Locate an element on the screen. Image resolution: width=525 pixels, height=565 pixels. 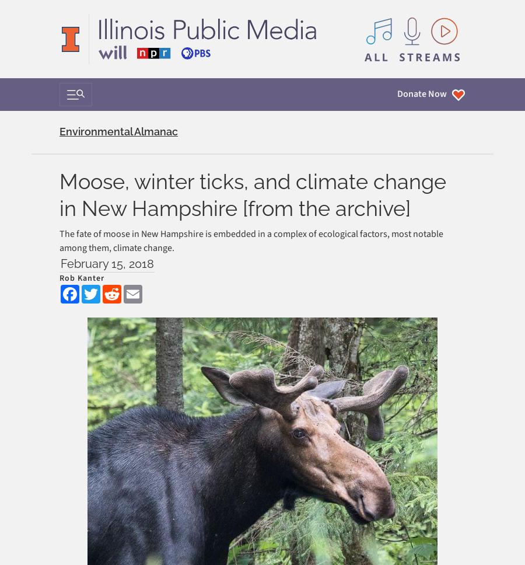
'WILL Travel & Tours' is located at coordinates (96, 215).